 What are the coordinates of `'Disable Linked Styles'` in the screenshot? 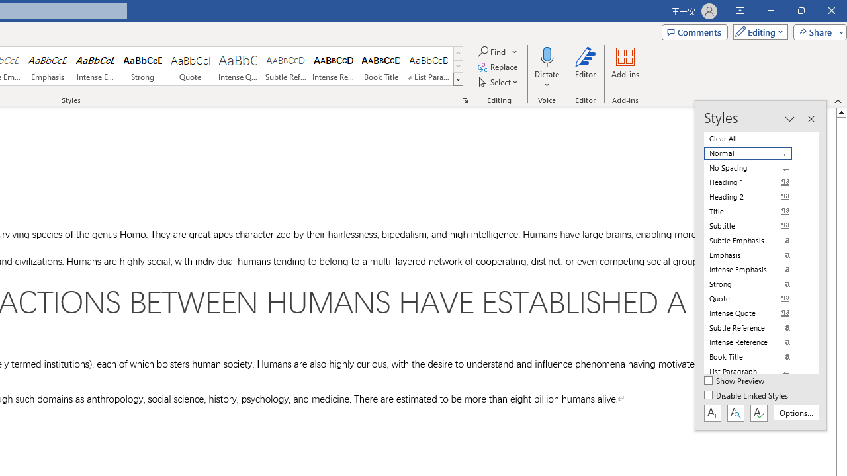 It's located at (747, 395).